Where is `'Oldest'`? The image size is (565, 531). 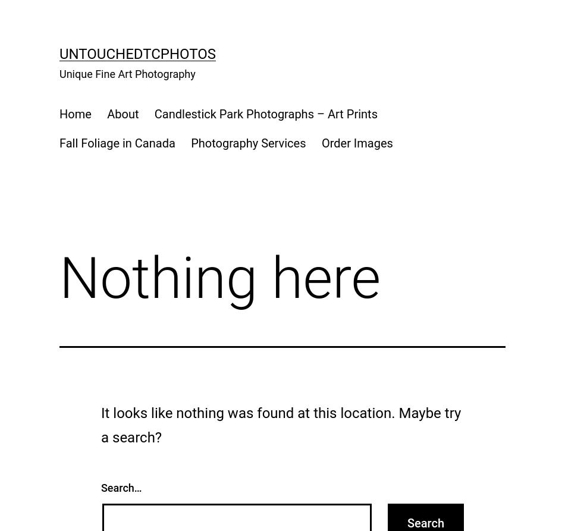 'Oldest' is located at coordinates (136, 84).